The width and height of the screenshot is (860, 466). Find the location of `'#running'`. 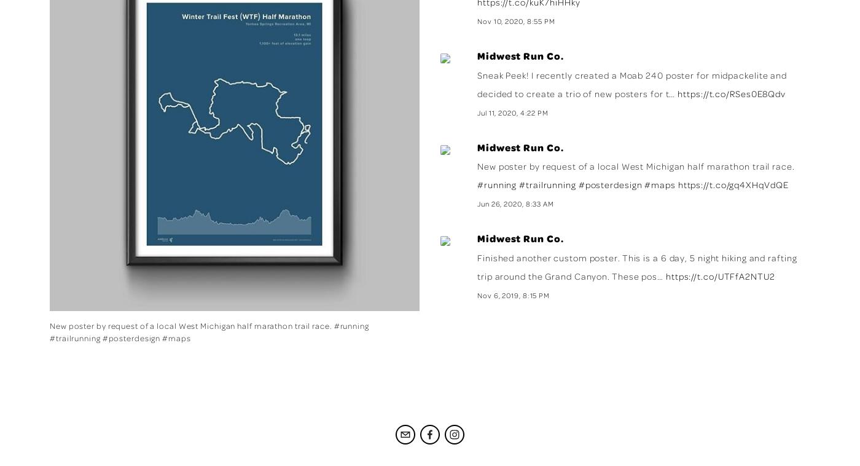

'#running' is located at coordinates (497, 184).